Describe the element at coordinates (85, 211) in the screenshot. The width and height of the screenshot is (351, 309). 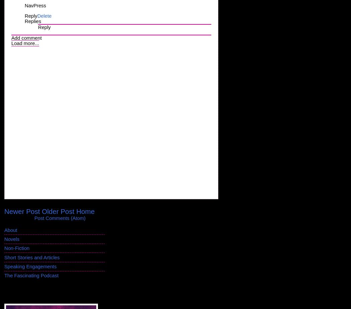
I see `'Home'` at that location.